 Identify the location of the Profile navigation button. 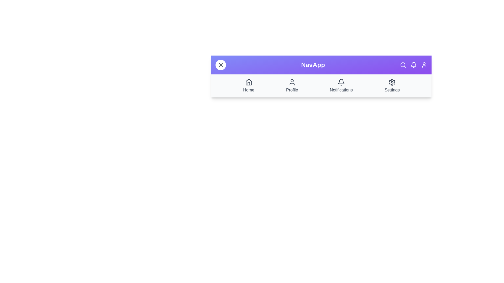
(292, 85).